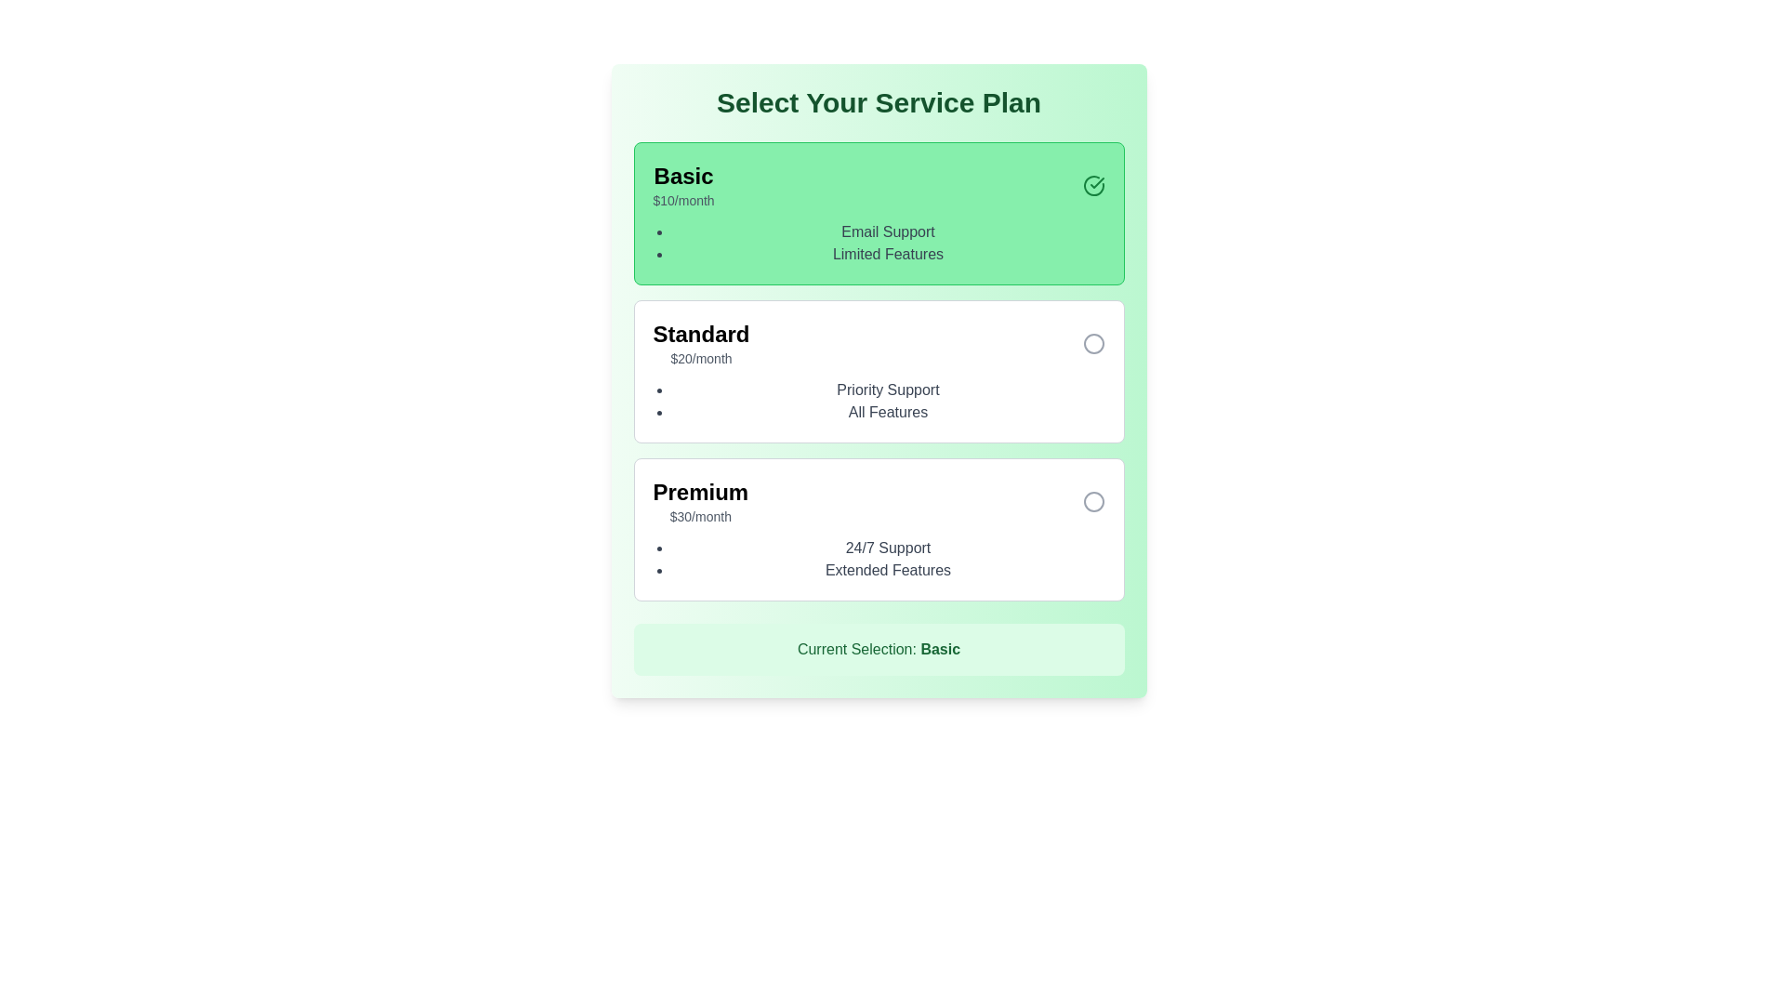 This screenshot has width=1785, height=1004. I want to click on the text list element containing 'Email Support' and 'Limited Features' within the green background of the 'Basic' service plan section, so click(878, 243).